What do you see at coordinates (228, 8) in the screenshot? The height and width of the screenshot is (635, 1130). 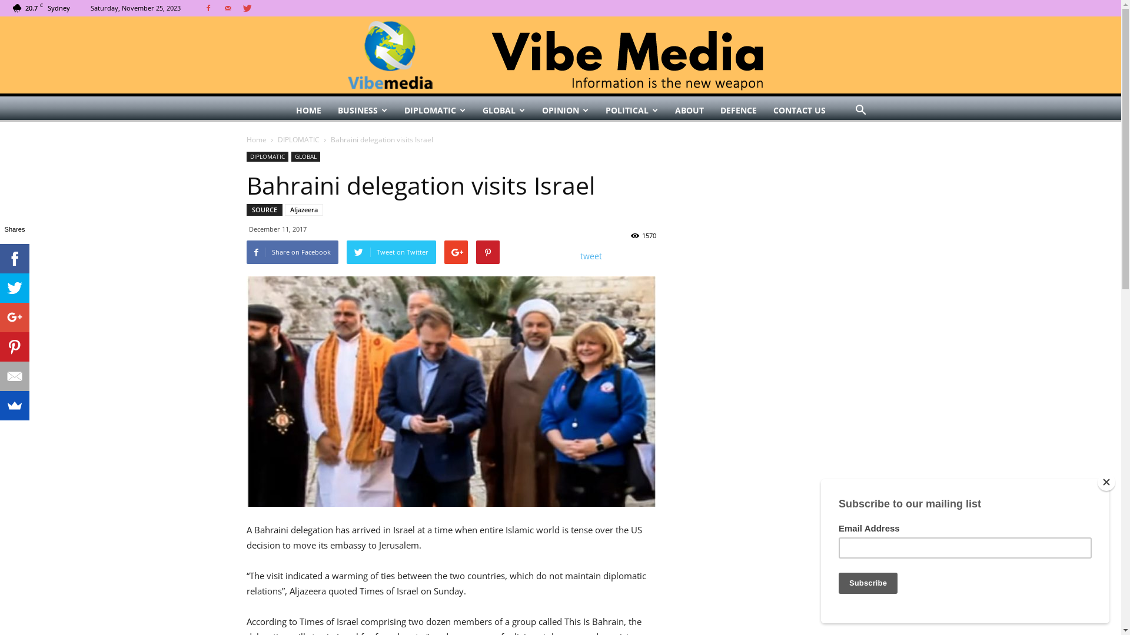 I see `'Mail'` at bounding box center [228, 8].